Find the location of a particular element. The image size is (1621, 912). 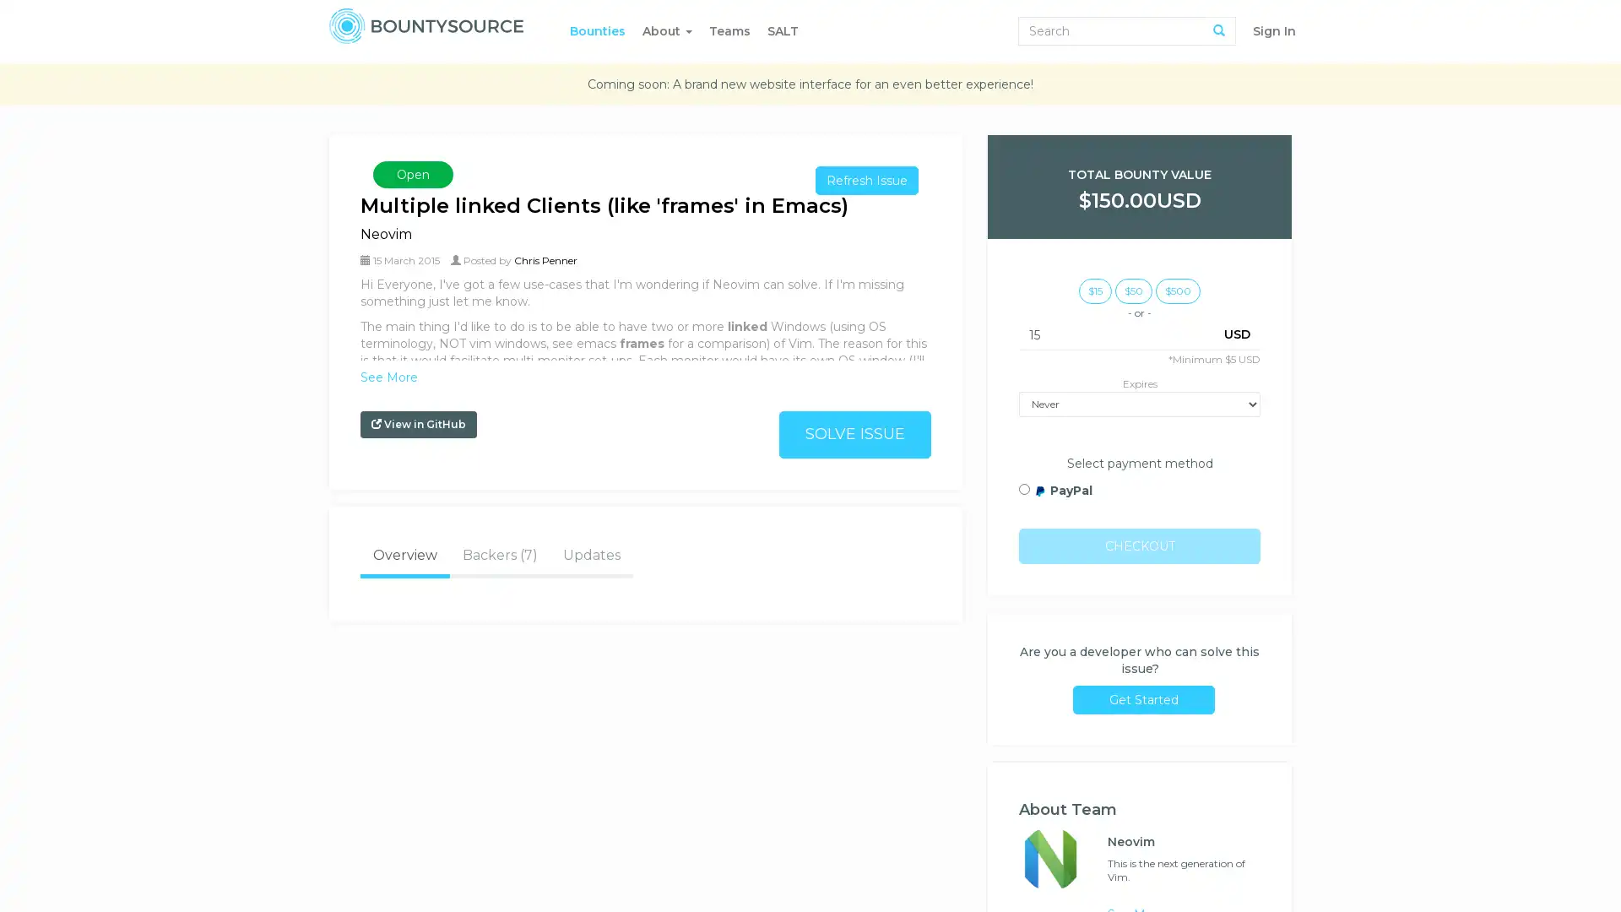

$50 is located at coordinates (1134, 289).